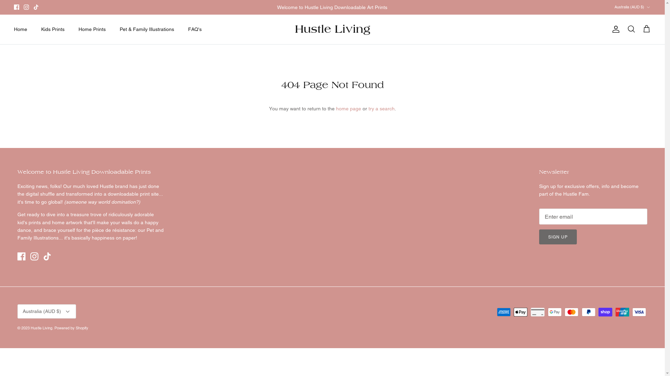  What do you see at coordinates (21, 256) in the screenshot?
I see `'Facebook'` at bounding box center [21, 256].